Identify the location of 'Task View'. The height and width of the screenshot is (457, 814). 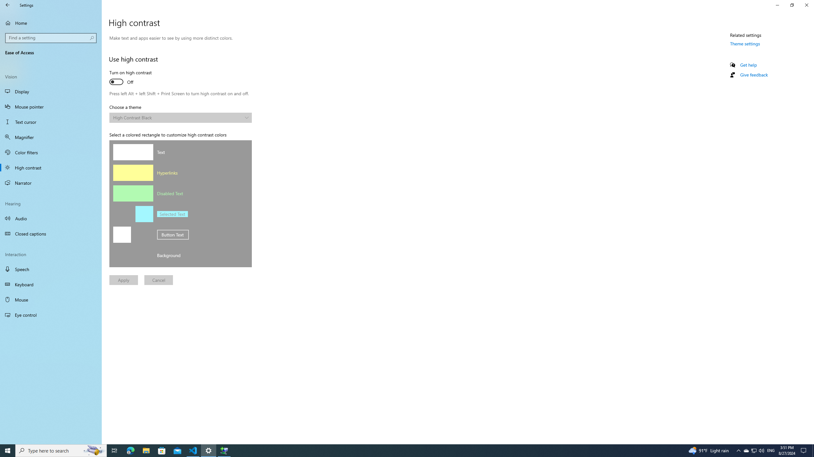
(114, 450).